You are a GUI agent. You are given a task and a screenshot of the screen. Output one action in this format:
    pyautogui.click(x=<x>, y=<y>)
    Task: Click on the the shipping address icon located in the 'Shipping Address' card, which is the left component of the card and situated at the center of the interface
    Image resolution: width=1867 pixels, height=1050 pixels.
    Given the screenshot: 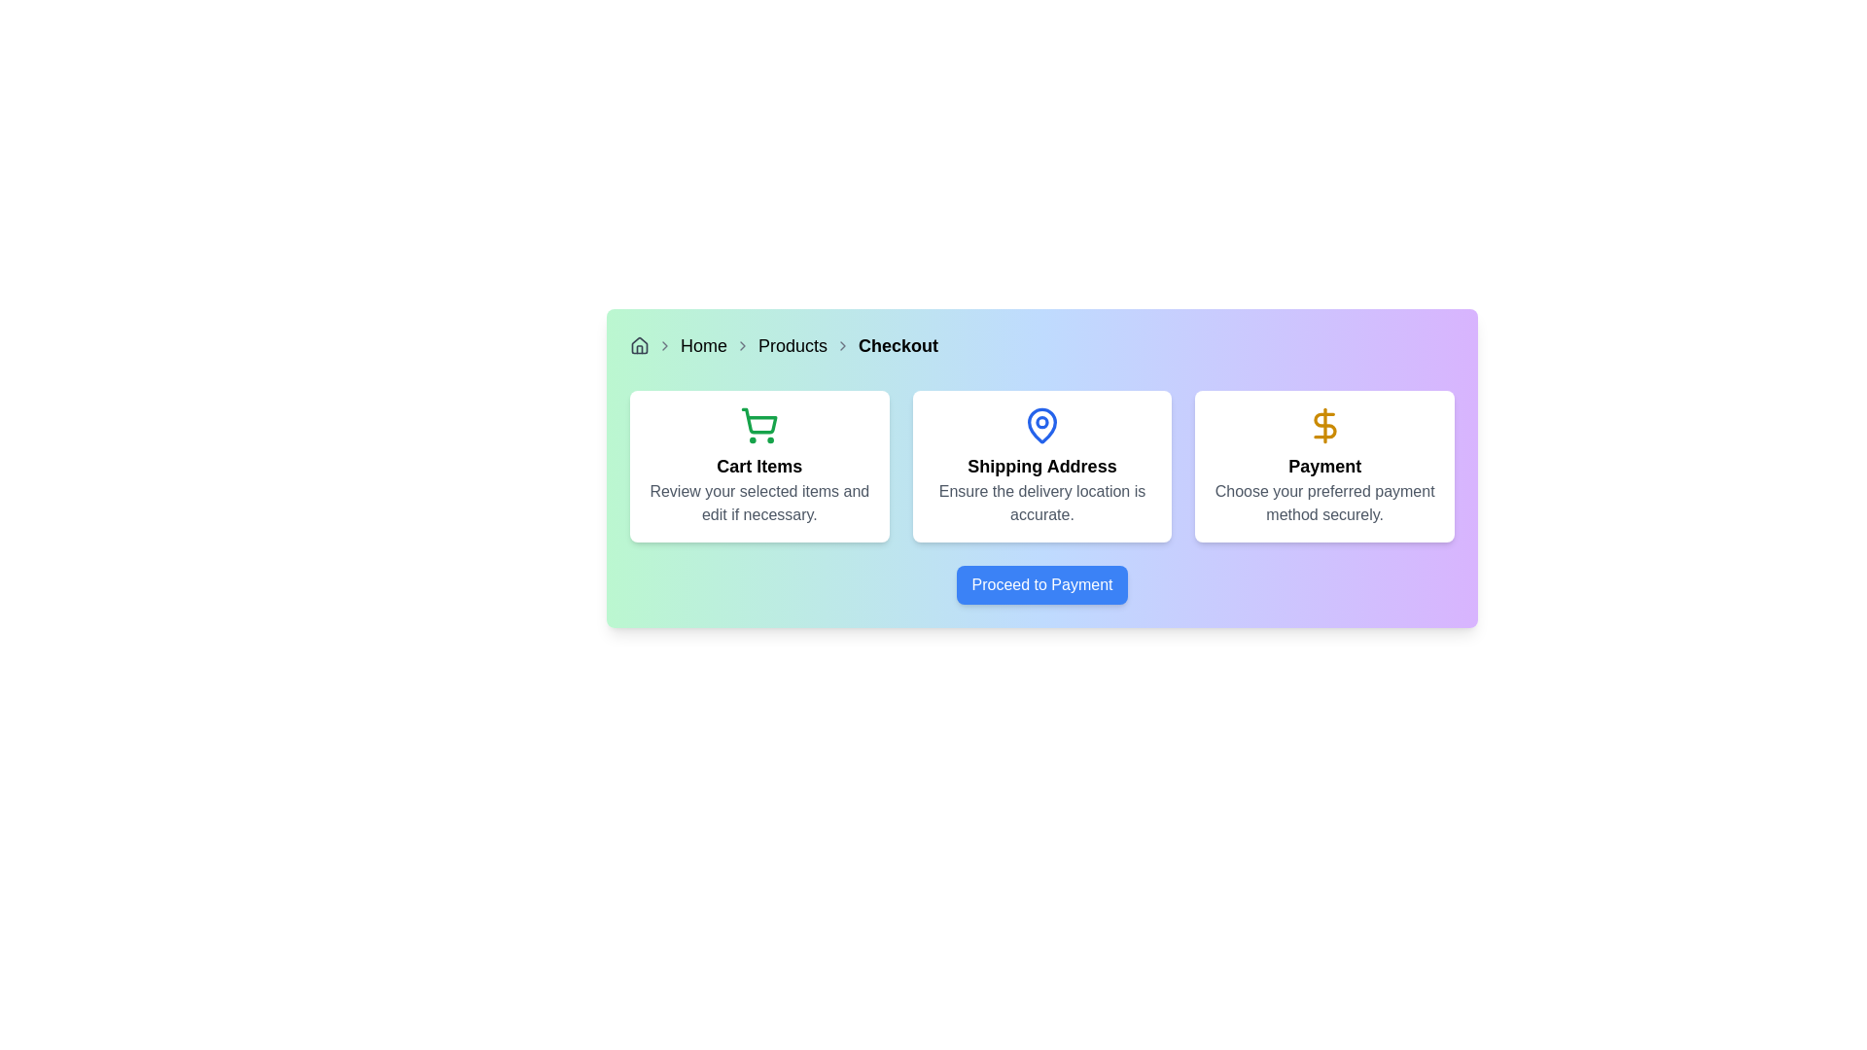 What is the action you would take?
    pyautogui.click(x=1040, y=425)
    